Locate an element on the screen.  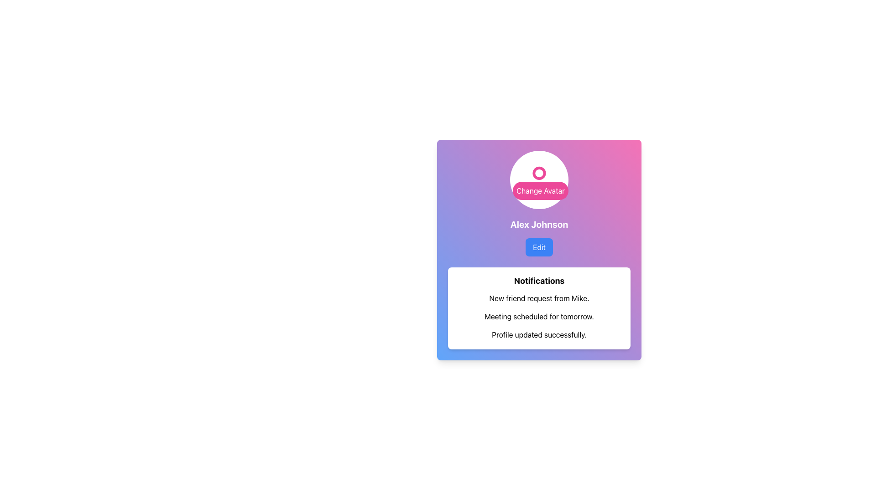
the Text Display element that contains the text 'New friend request from Mike.' which is the first entry in the notifications list is located at coordinates (539, 298).